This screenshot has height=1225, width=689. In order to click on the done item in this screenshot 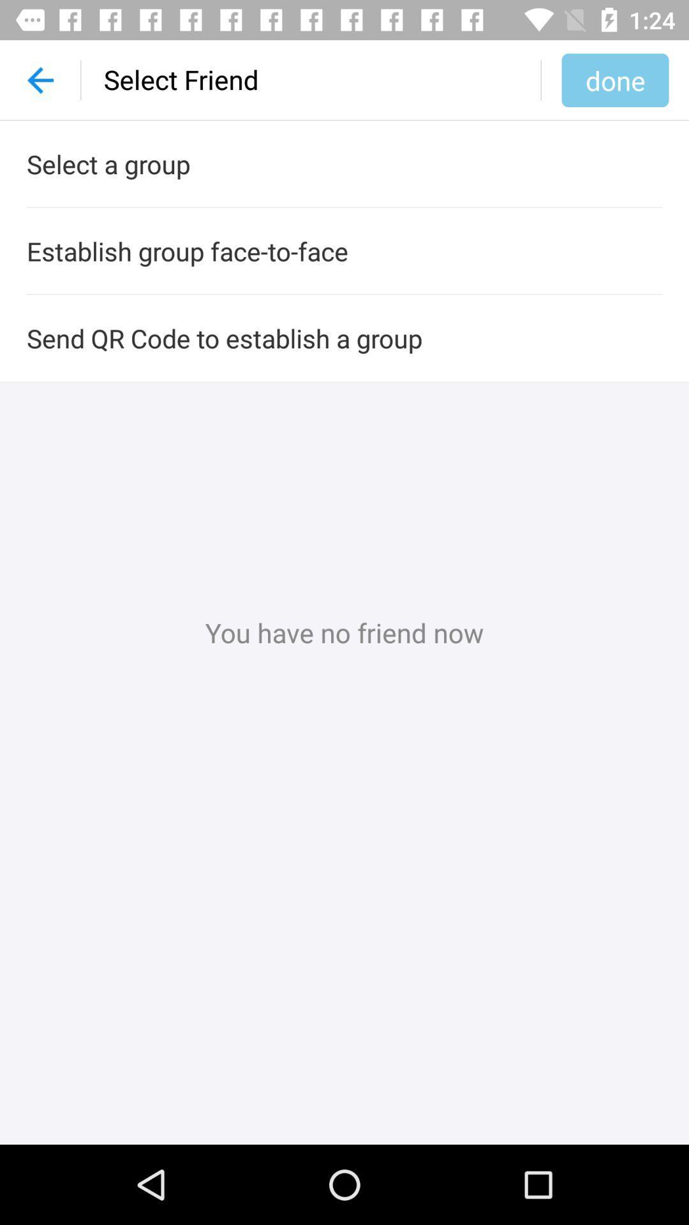, I will do `click(614, 79)`.